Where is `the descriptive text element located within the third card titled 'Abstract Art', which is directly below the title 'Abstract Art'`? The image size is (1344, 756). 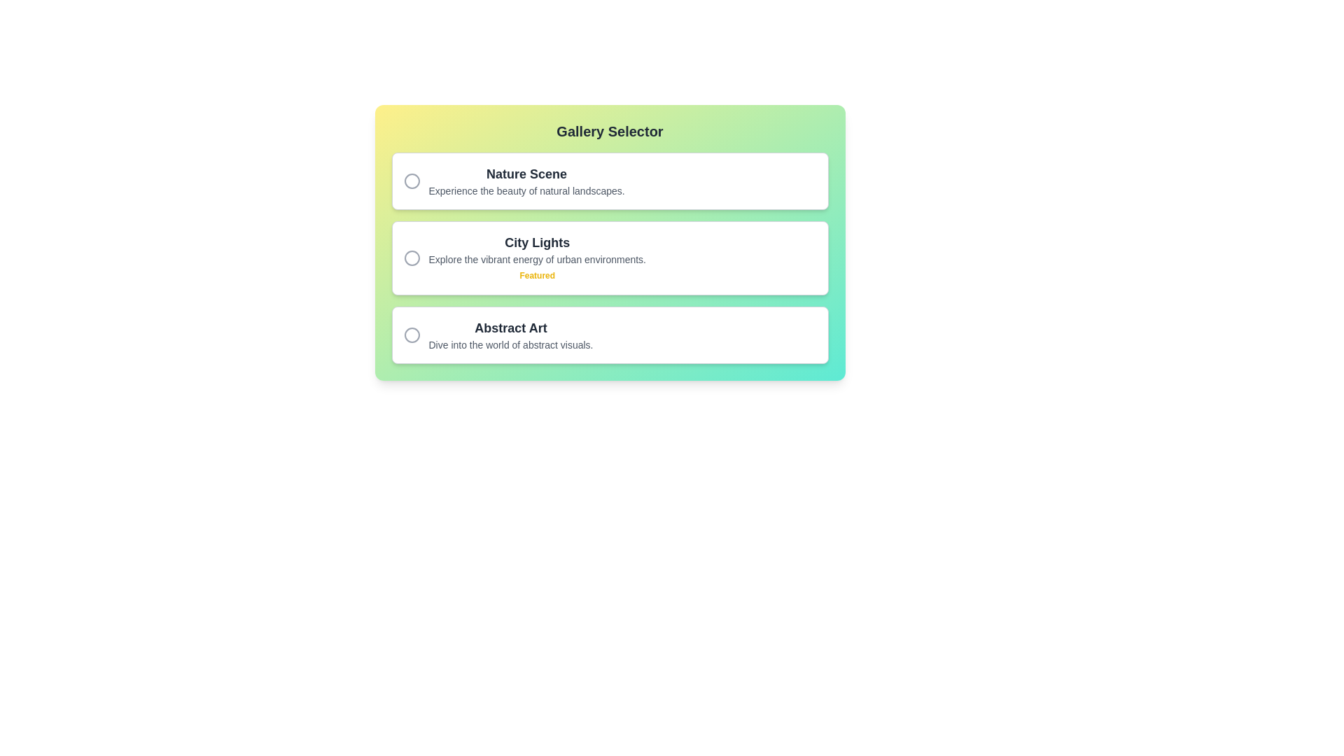 the descriptive text element located within the third card titled 'Abstract Art', which is directly below the title 'Abstract Art' is located at coordinates (510, 345).